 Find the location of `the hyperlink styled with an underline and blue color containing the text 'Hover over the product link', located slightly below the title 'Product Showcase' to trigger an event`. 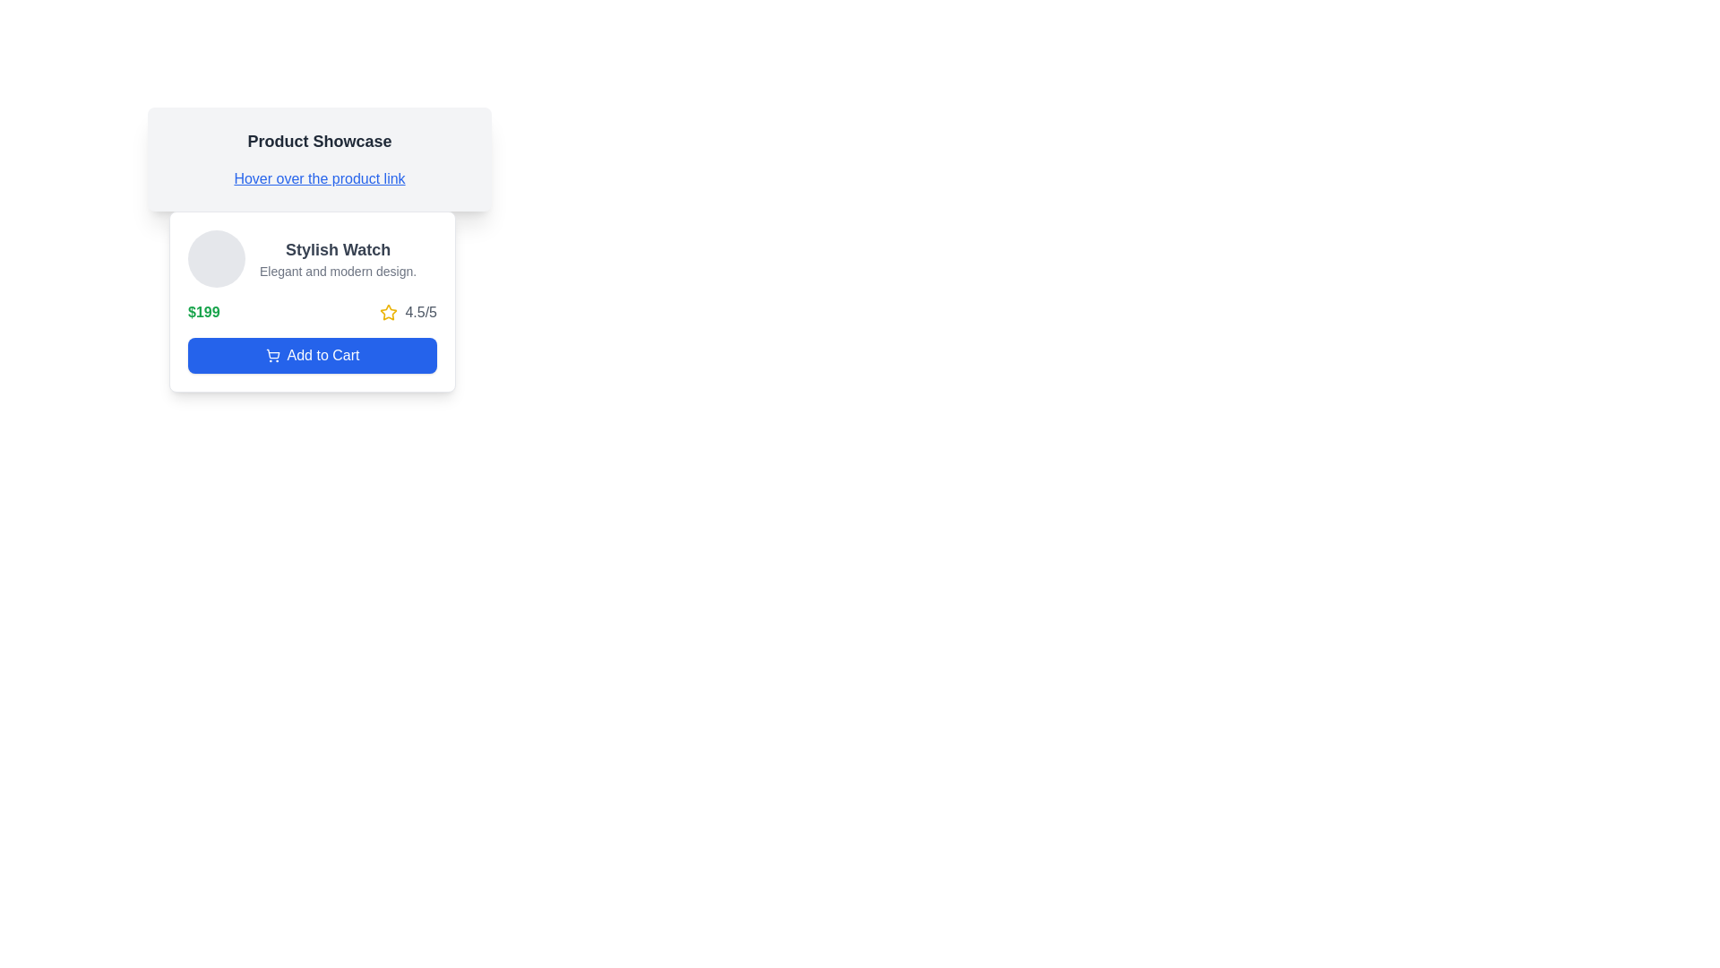

the hyperlink styled with an underline and blue color containing the text 'Hover over the product link', located slightly below the title 'Product Showcase' to trigger an event is located at coordinates (319, 179).